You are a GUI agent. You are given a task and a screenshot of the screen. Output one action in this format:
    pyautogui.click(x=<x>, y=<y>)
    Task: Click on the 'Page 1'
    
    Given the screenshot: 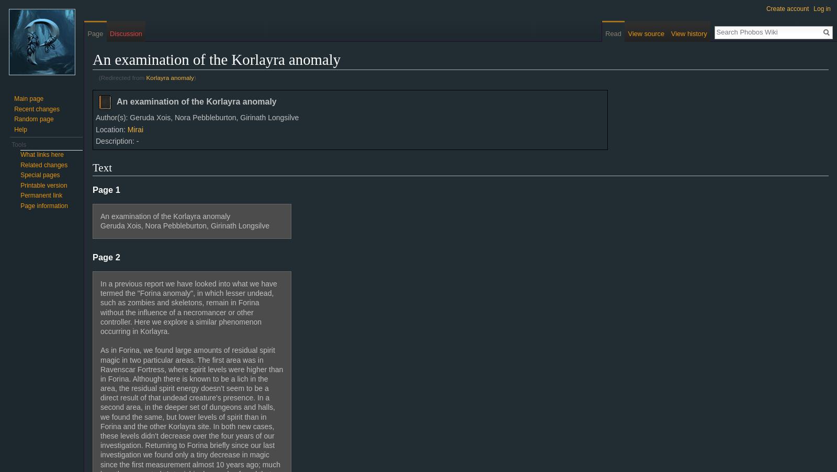 What is the action you would take?
    pyautogui.click(x=92, y=190)
    